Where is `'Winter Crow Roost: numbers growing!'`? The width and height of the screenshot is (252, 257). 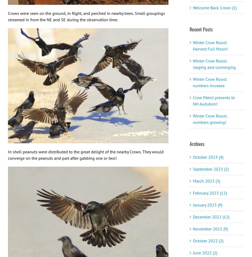 'Winter Crow Roost: numbers growing!' is located at coordinates (210, 119).